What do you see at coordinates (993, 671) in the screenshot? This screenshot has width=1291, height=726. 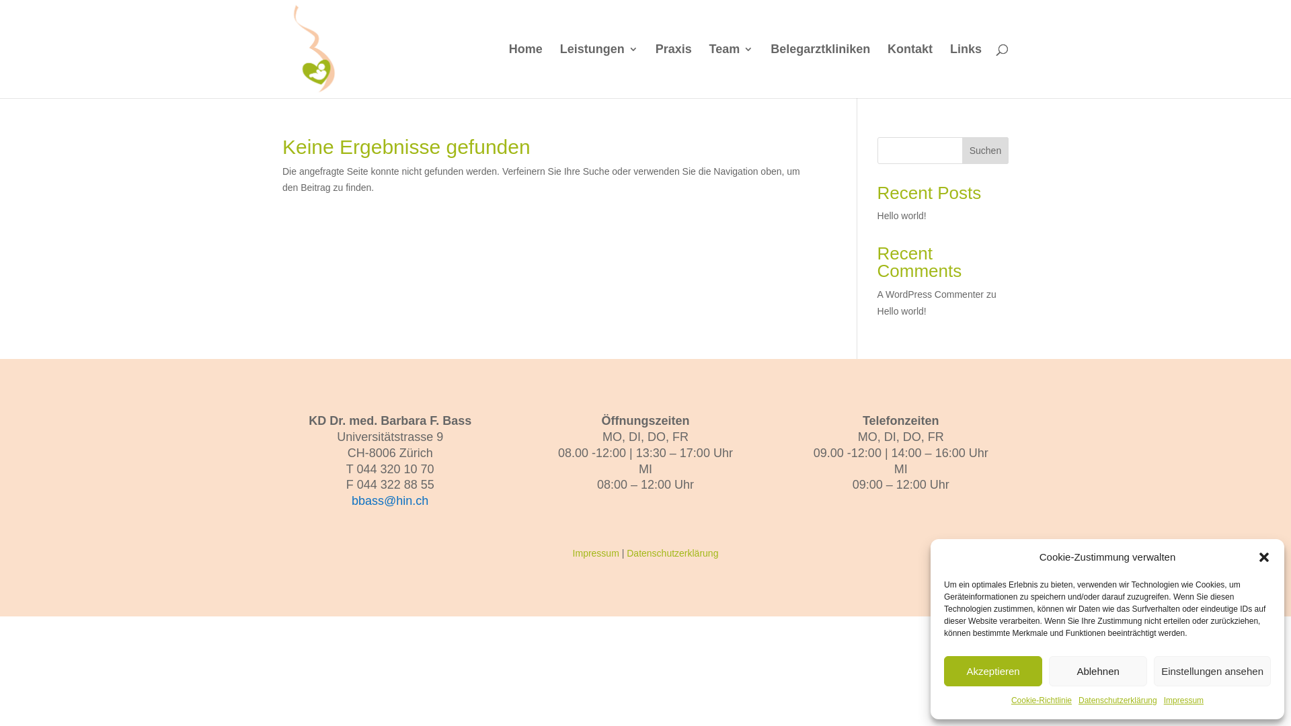 I see `'Akzeptieren'` at bounding box center [993, 671].